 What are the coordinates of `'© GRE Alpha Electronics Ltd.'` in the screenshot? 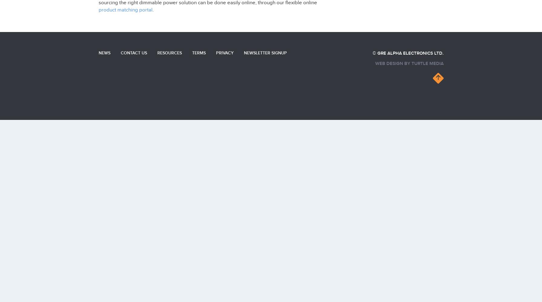 It's located at (407, 53).